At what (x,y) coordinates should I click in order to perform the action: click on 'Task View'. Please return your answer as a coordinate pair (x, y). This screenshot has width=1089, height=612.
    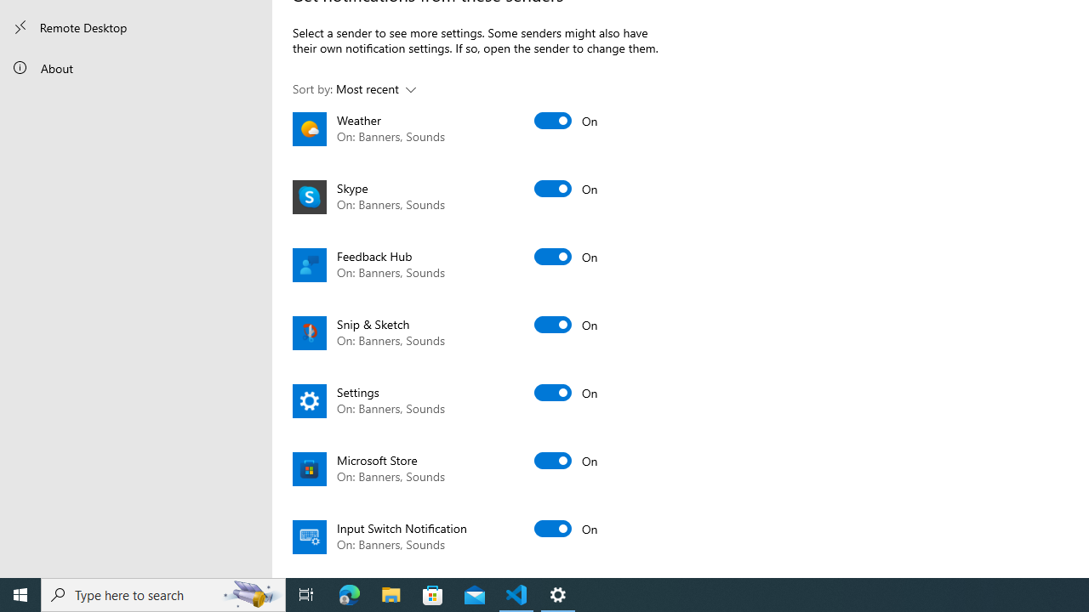
    Looking at the image, I should click on (305, 593).